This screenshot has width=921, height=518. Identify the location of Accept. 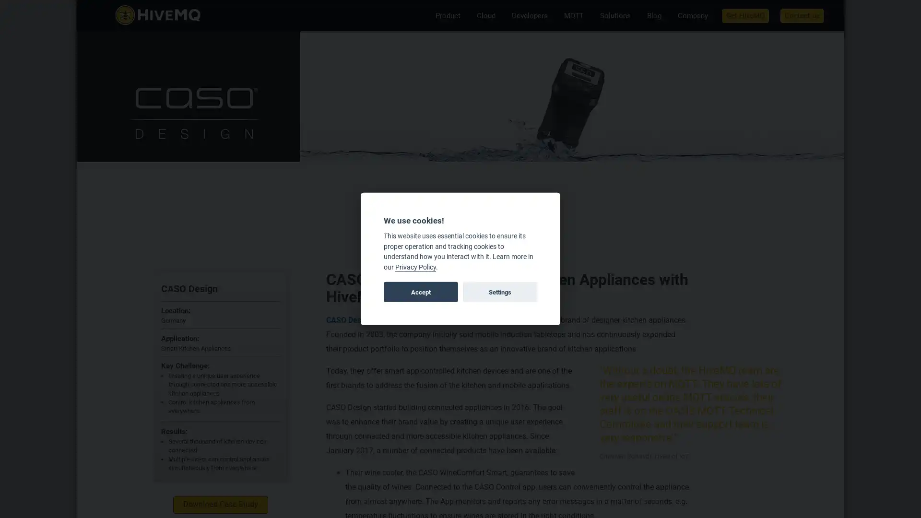
(421, 292).